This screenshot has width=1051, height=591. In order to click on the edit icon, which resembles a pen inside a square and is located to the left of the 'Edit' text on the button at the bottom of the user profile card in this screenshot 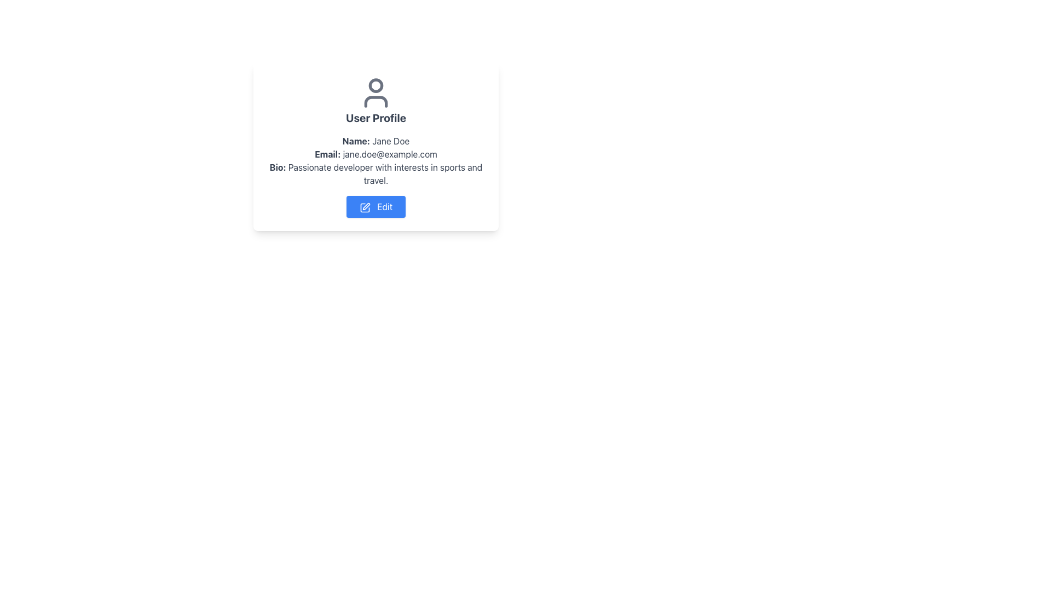, I will do `click(365, 207)`.